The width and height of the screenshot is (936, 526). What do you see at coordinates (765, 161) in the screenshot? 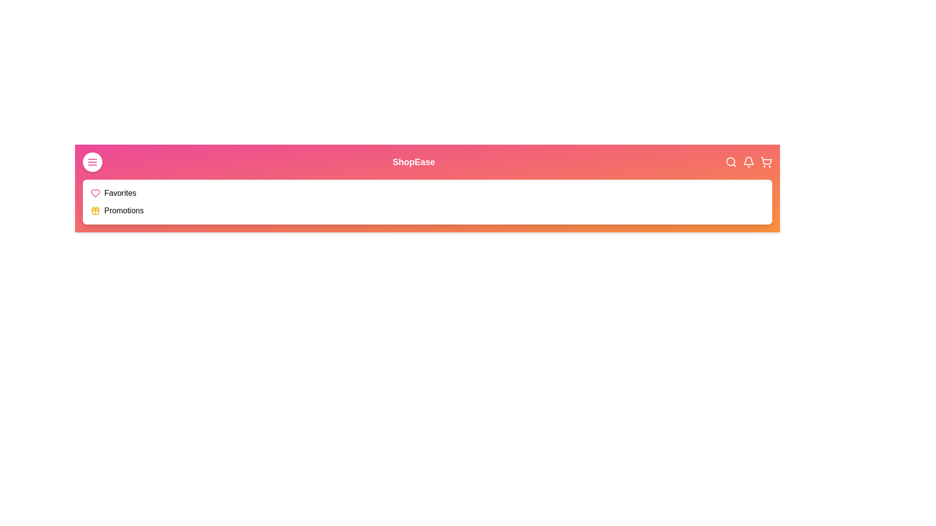
I see `the shopping cart icon to view the cart` at bounding box center [765, 161].